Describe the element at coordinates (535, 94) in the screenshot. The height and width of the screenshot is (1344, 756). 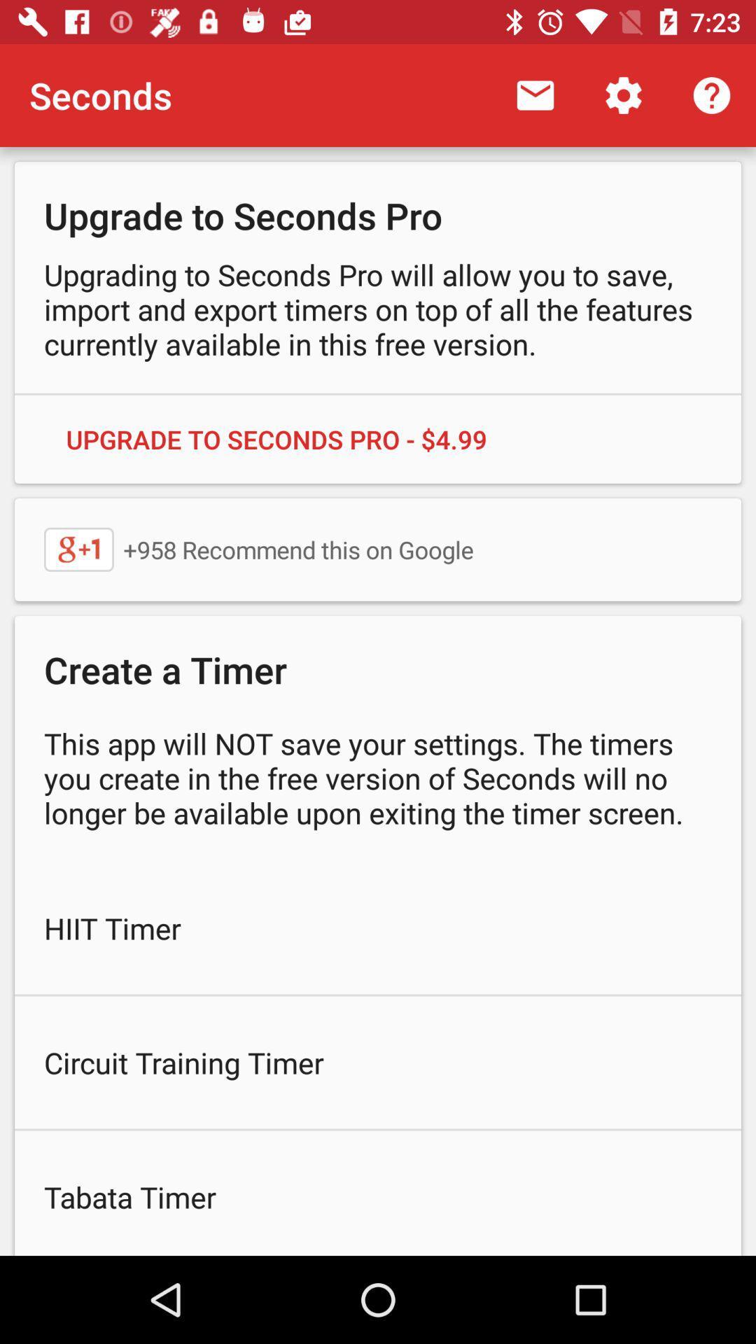
I see `item next to the seconds` at that location.